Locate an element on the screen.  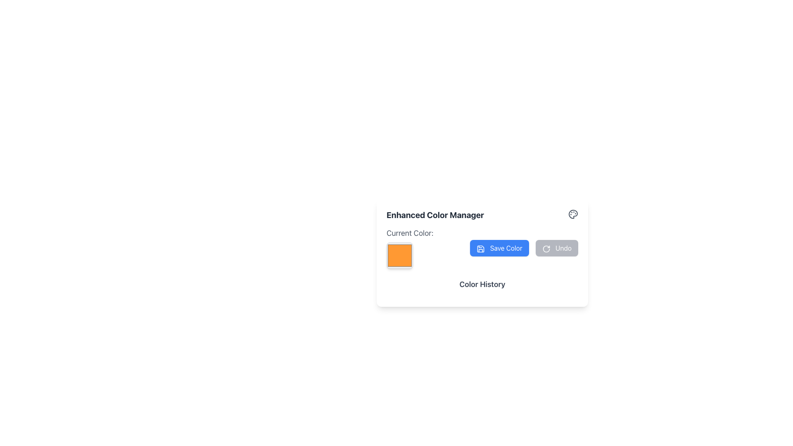
the 'Undo' button is located at coordinates (546, 248).